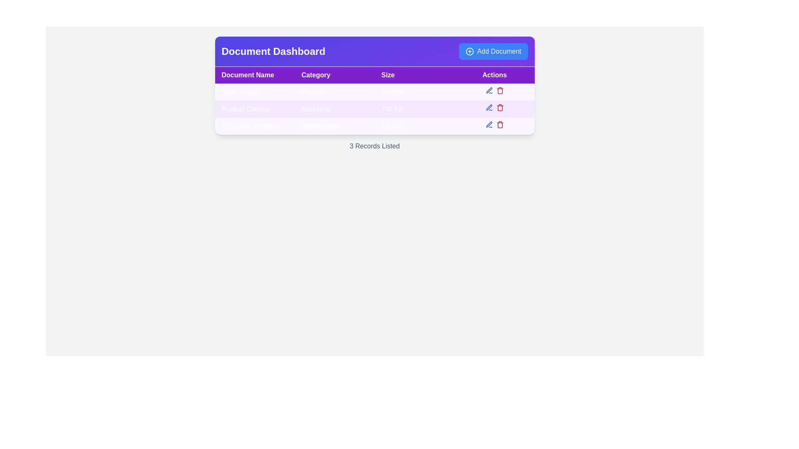 The height and width of the screenshot is (449, 799). What do you see at coordinates (489, 90) in the screenshot?
I see `the small pen icon in the 'Actions' column of the data grid corresponding to the 'Product Catalog' row` at bounding box center [489, 90].